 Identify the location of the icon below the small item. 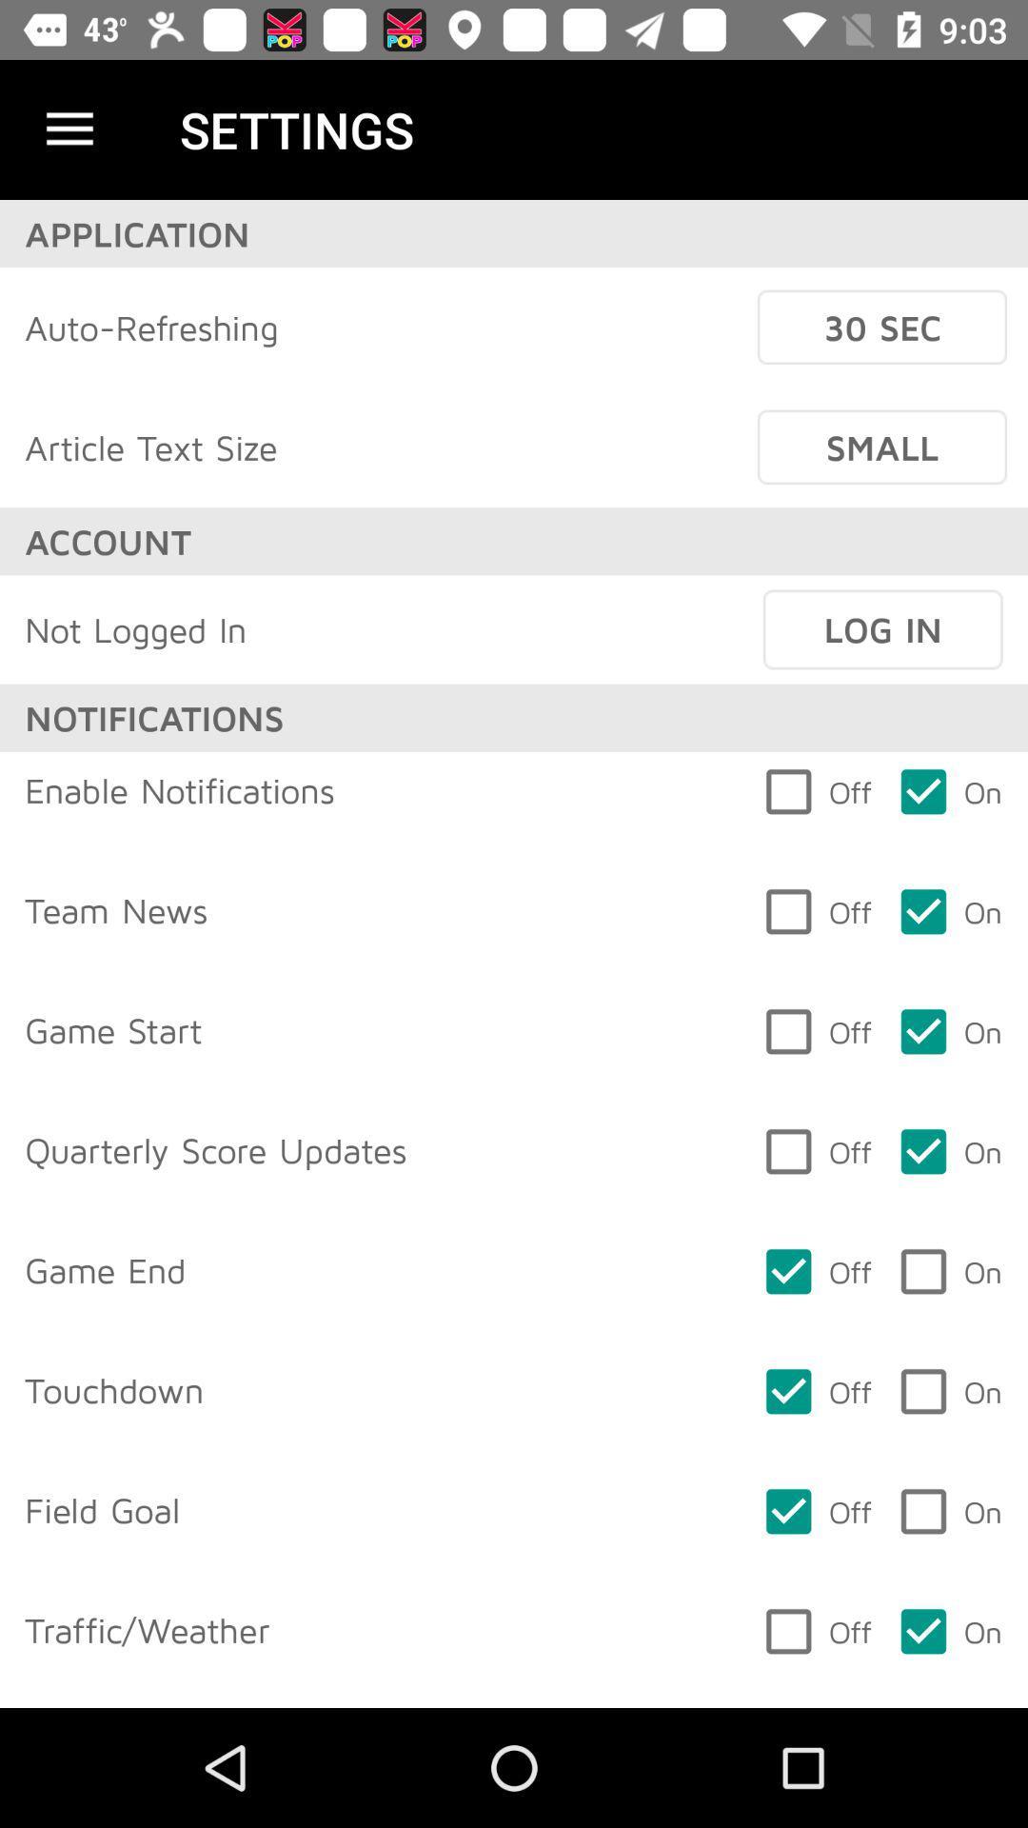
(882, 629).